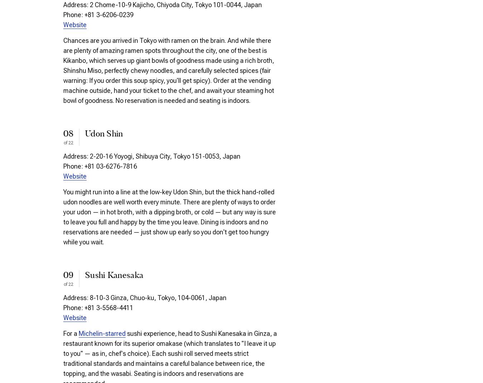  Describe the element at coordinates (145, 297) in the screenshot. I see `'Address: 8-10-3 Ginza, Chuo-ku, Tokyo, 104-0061, Japan'` at that location.